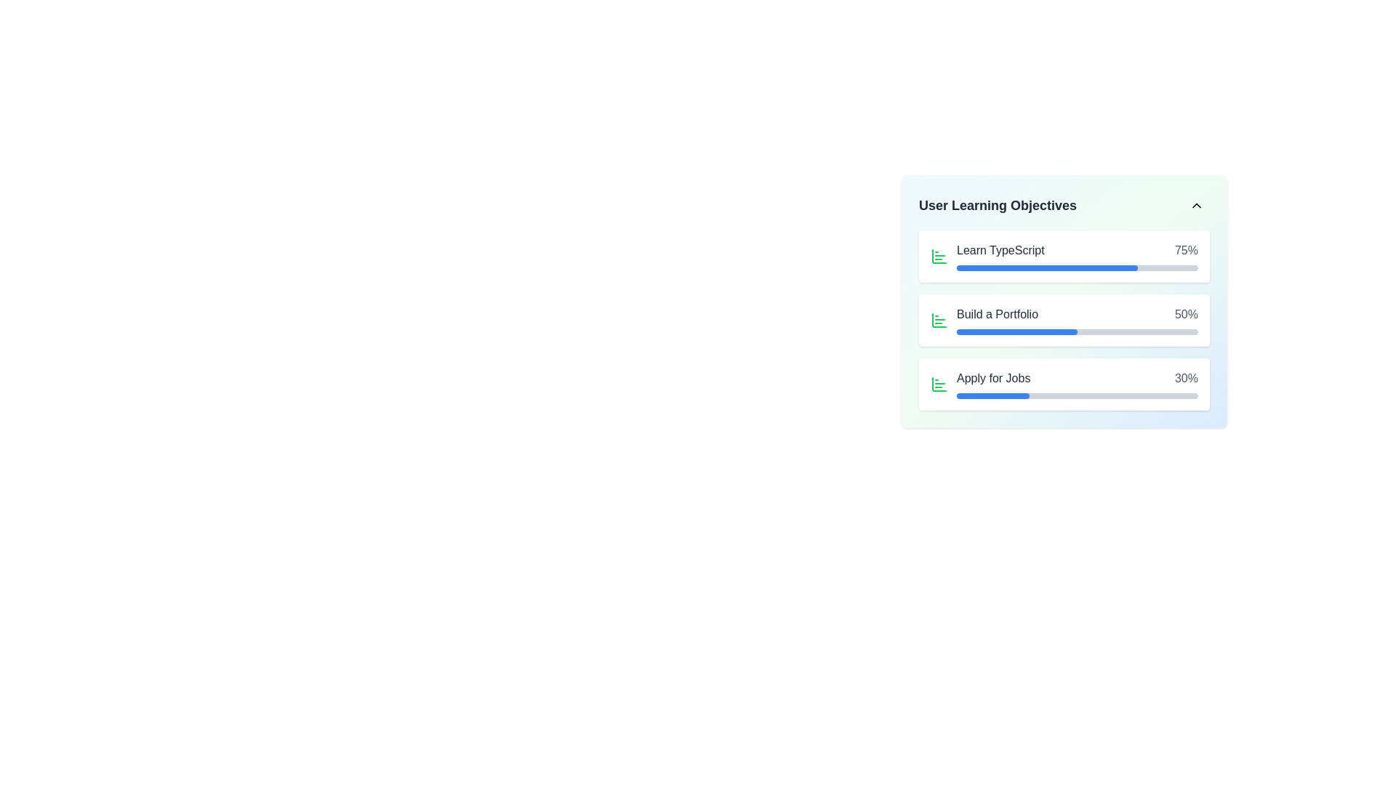  I want to click on the filled portion of the progress indicator within the 'Apply for Jobs' section of the User Learning Objectives card, which visually represents 30% completion, so click(992, 395).